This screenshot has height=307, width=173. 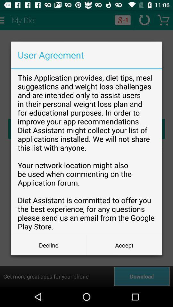 I want to click on app below this application provides, so click(x=124, y=245).